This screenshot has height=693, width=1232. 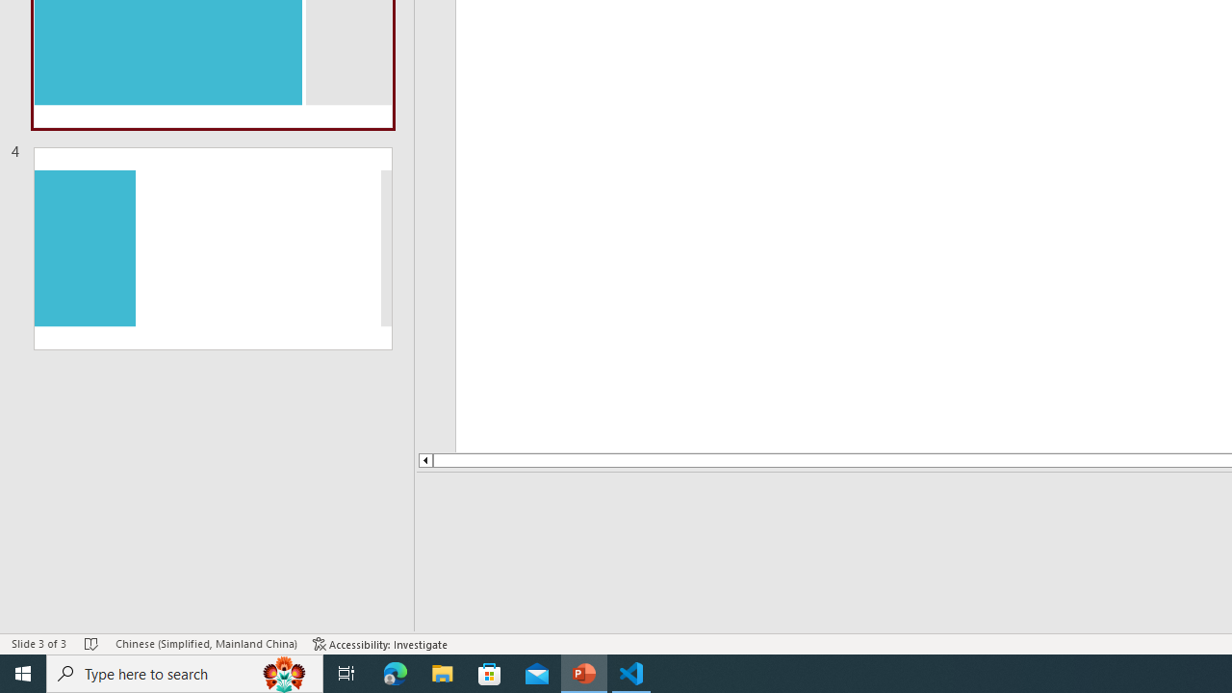 What do you see at coordinates (380, 644) in the screenshot?
I see `'Accessibility Checker Accessibility: Investigate'` at bounding box center [380, 644].